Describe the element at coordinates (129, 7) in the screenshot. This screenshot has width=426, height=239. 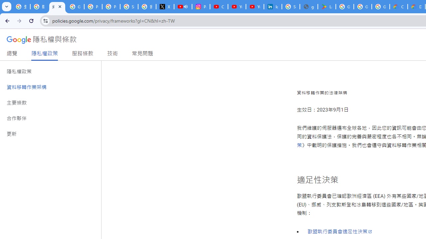
I see `'Sign in - Google Accounts'` at that location.